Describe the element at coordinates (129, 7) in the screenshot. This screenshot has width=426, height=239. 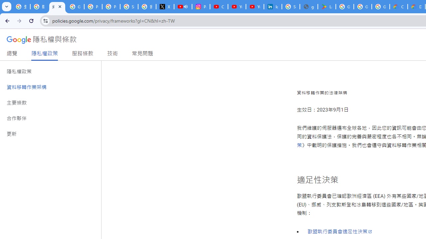
I see `'Sign in - Google Accounts'` at that location.